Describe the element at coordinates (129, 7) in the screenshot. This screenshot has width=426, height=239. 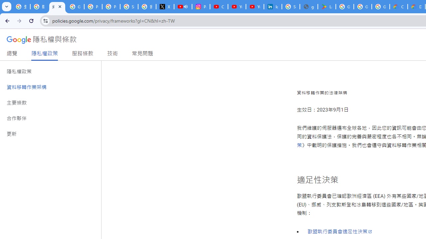
I see `'Sign in - Google Accounts'` at that location.